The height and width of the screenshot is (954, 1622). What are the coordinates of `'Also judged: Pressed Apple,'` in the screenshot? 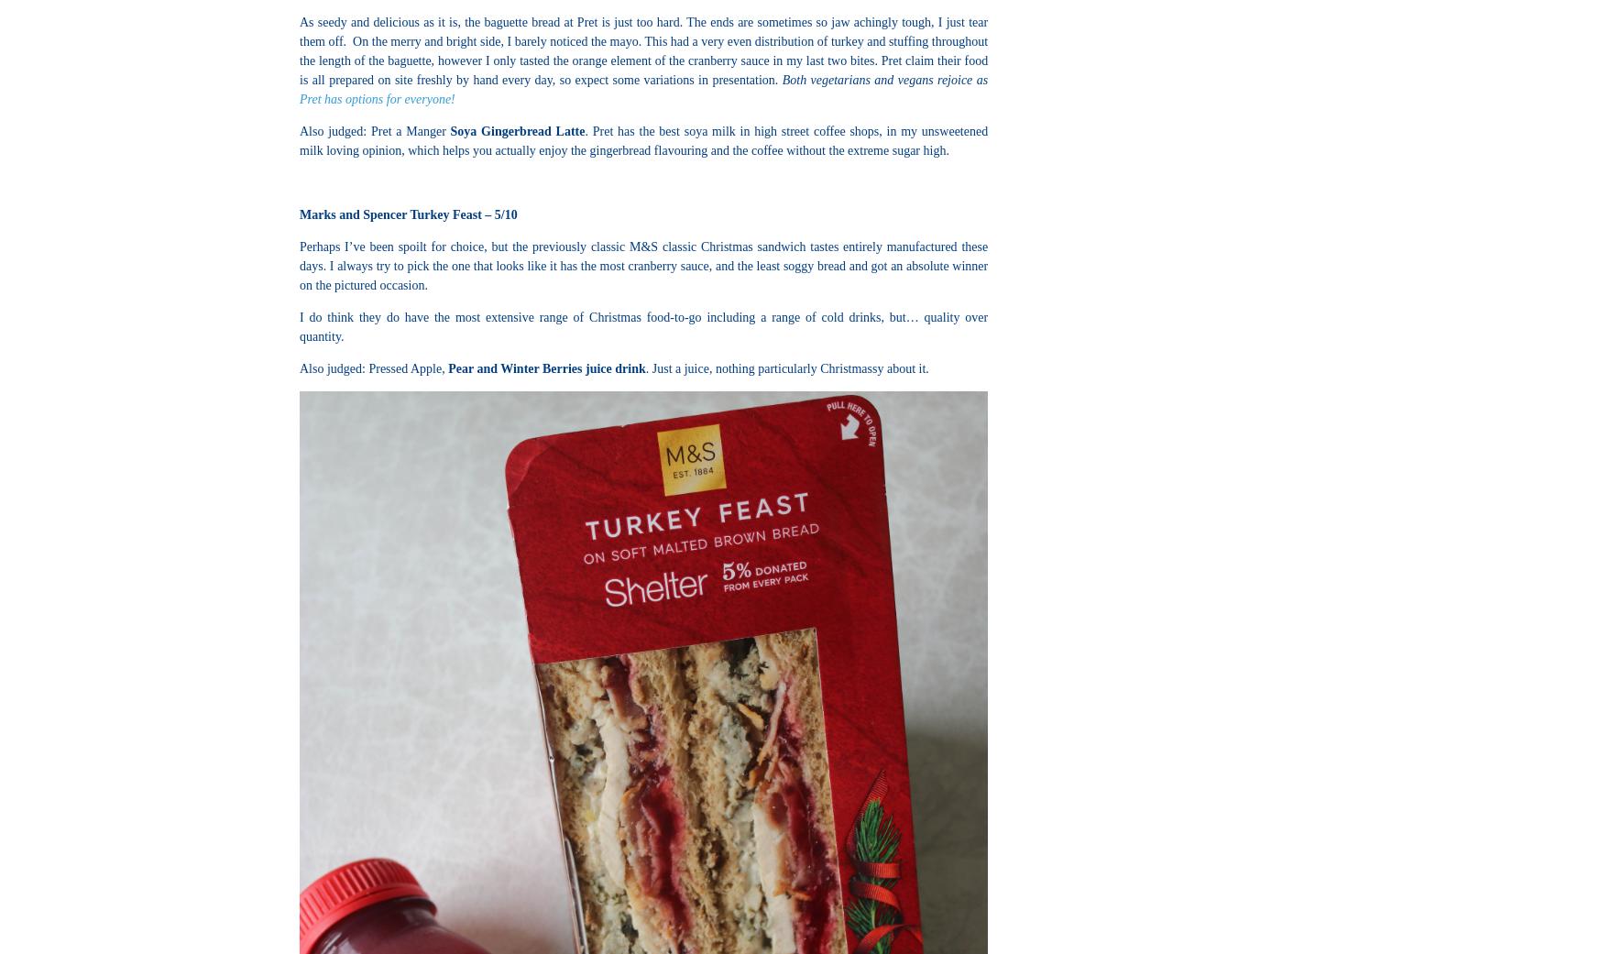 It's located at (372, 368).